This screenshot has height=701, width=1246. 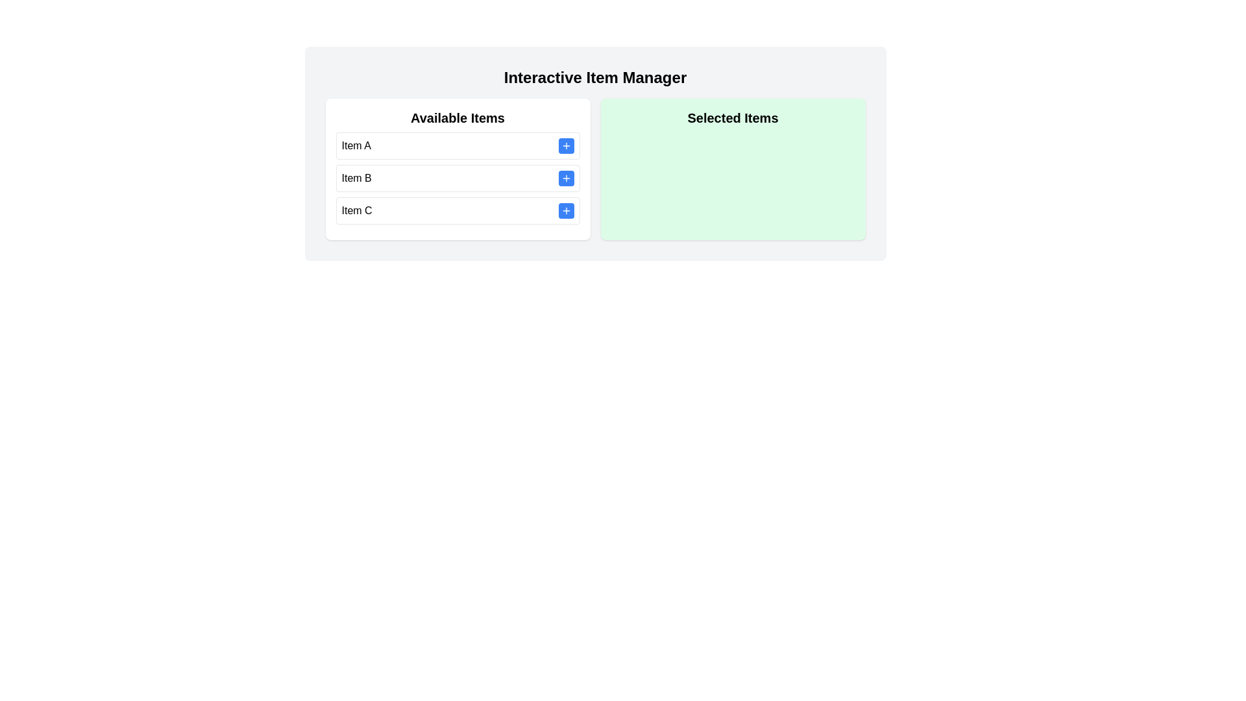 I want to click on the second selectable item with an add button in the 'Available Items' section, so click(x=458, y=178).